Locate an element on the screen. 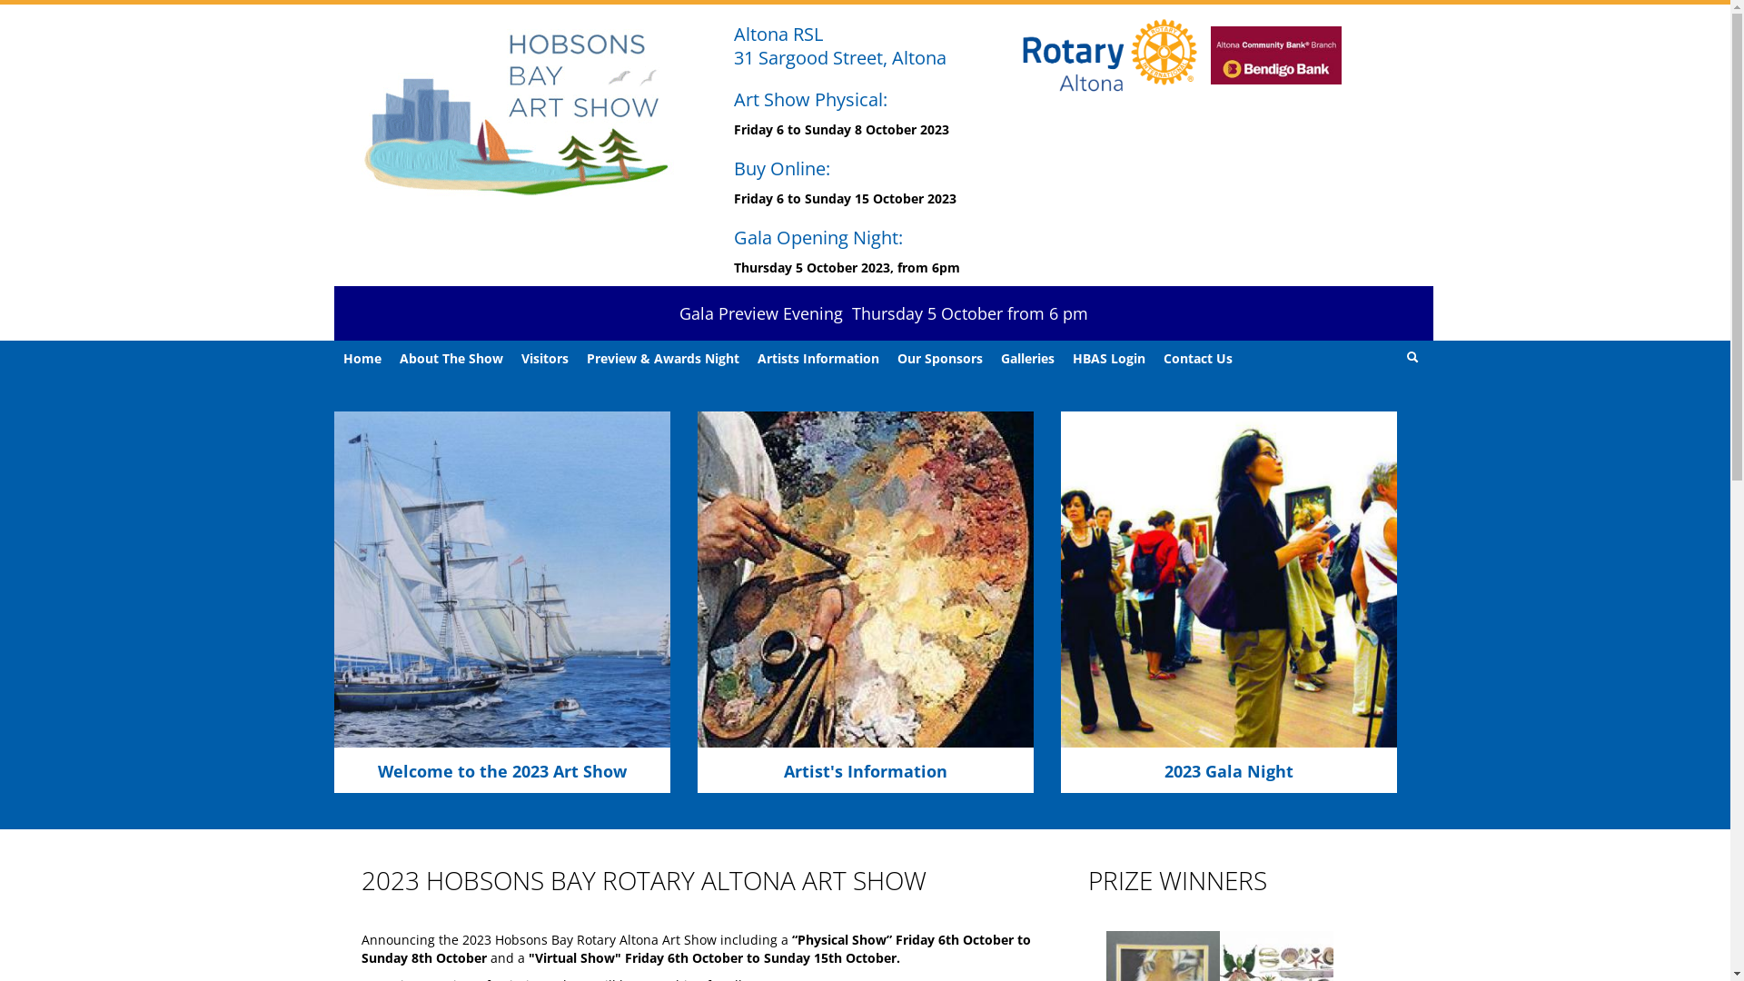  'Preview & Awards Night' is located at coordinates (661, 358).